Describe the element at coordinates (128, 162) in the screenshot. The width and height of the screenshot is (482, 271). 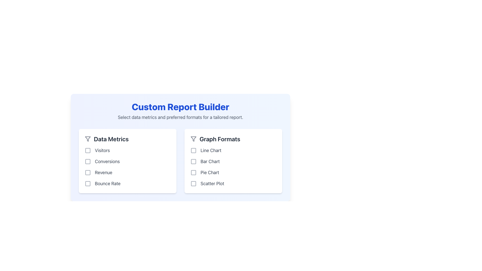
I see `the checkbox labeled 'Conversions'` at that location.